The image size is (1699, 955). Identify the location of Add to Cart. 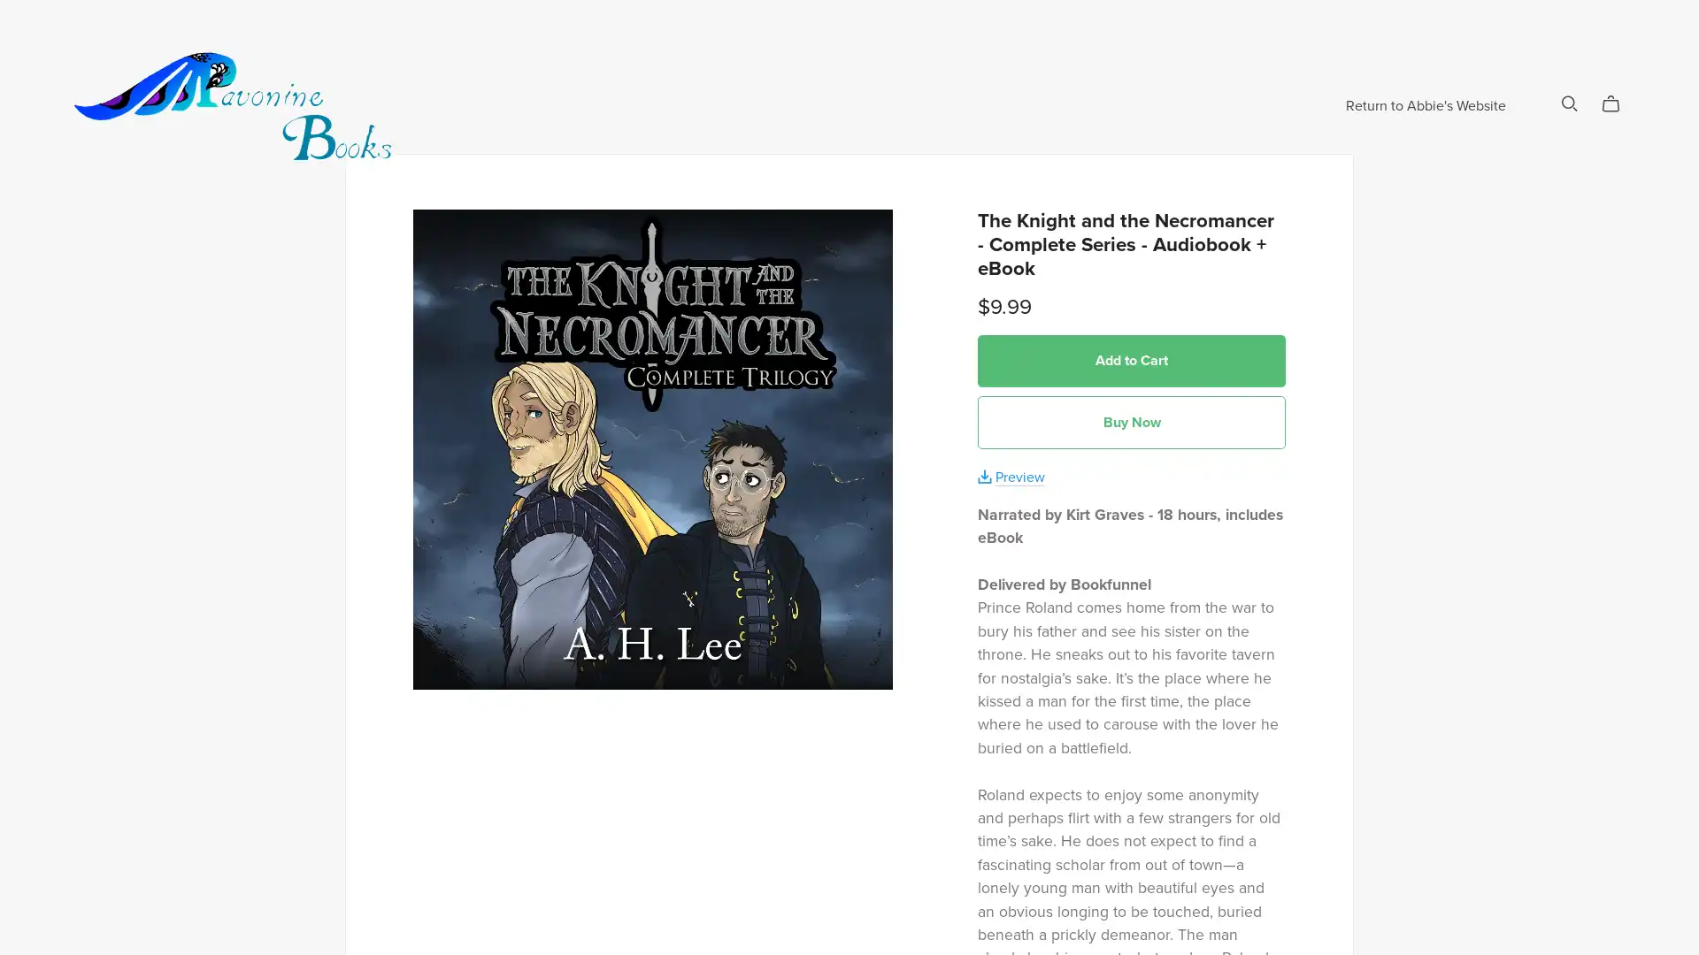
(1130, 419).